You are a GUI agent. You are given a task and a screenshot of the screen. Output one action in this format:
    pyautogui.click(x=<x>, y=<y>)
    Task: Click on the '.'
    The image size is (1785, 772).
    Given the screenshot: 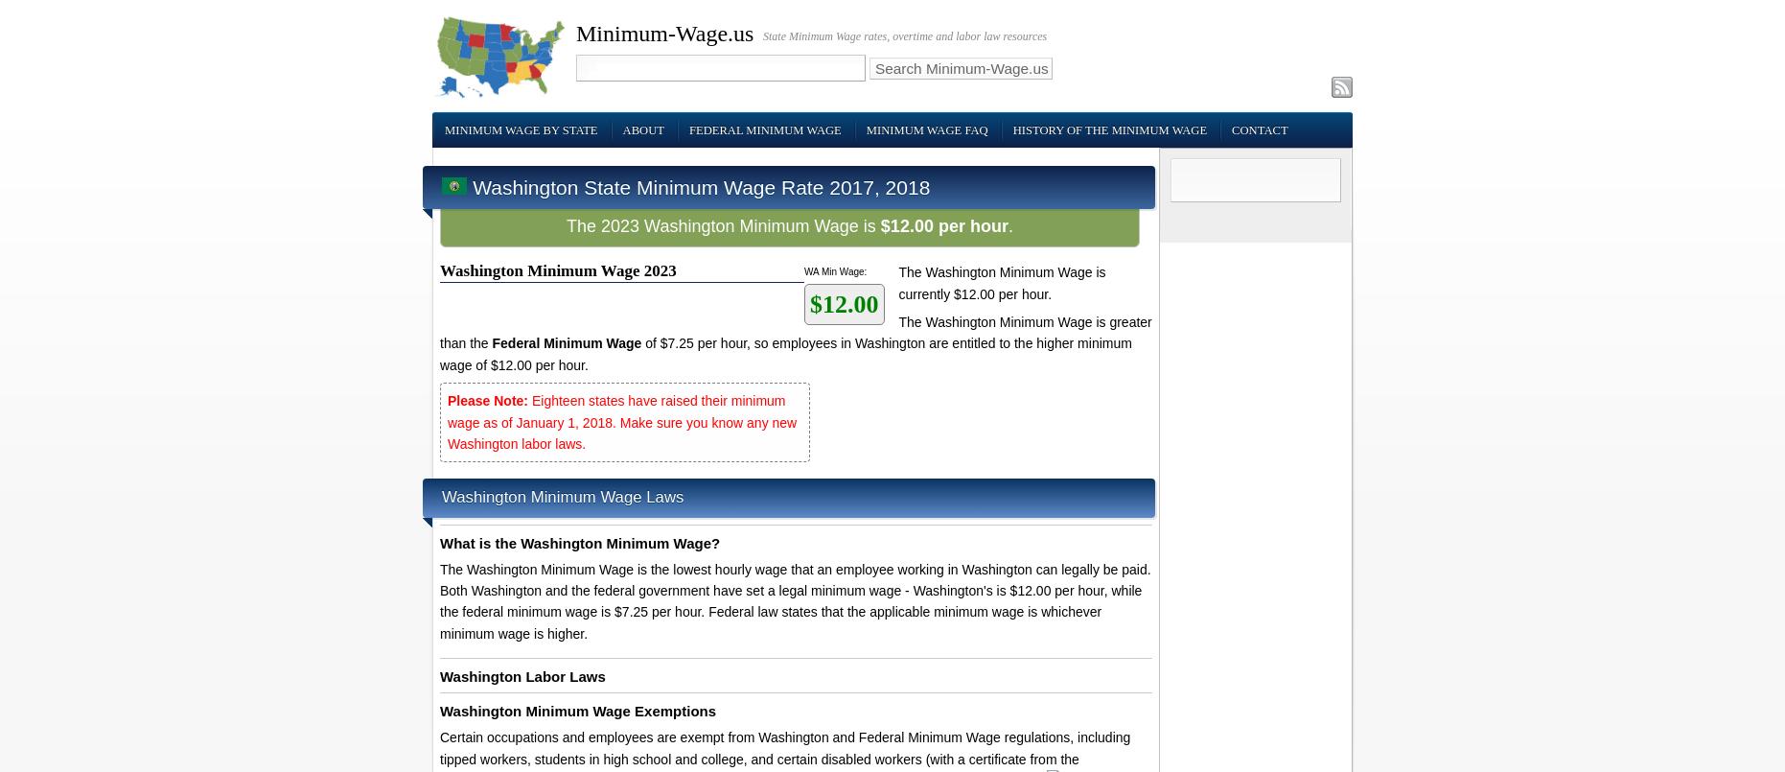 What is the action you would take?
    pyautogui.click(x=1009, y=224)
    